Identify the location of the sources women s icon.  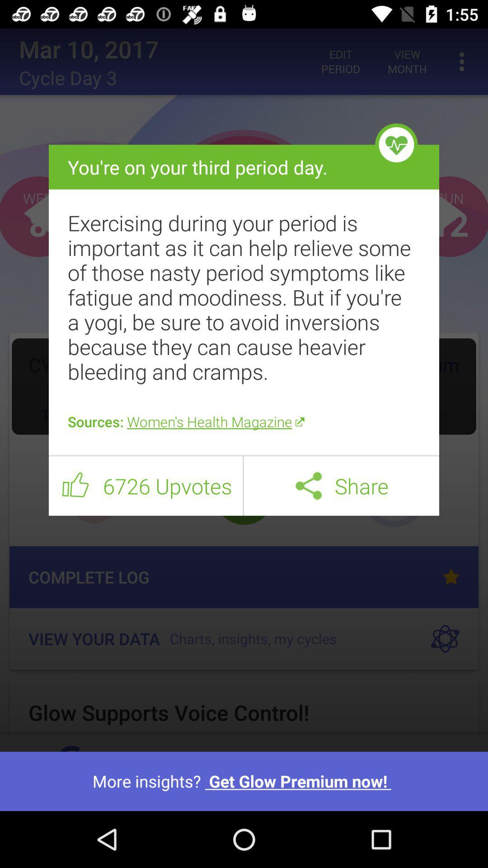
(244, 421).